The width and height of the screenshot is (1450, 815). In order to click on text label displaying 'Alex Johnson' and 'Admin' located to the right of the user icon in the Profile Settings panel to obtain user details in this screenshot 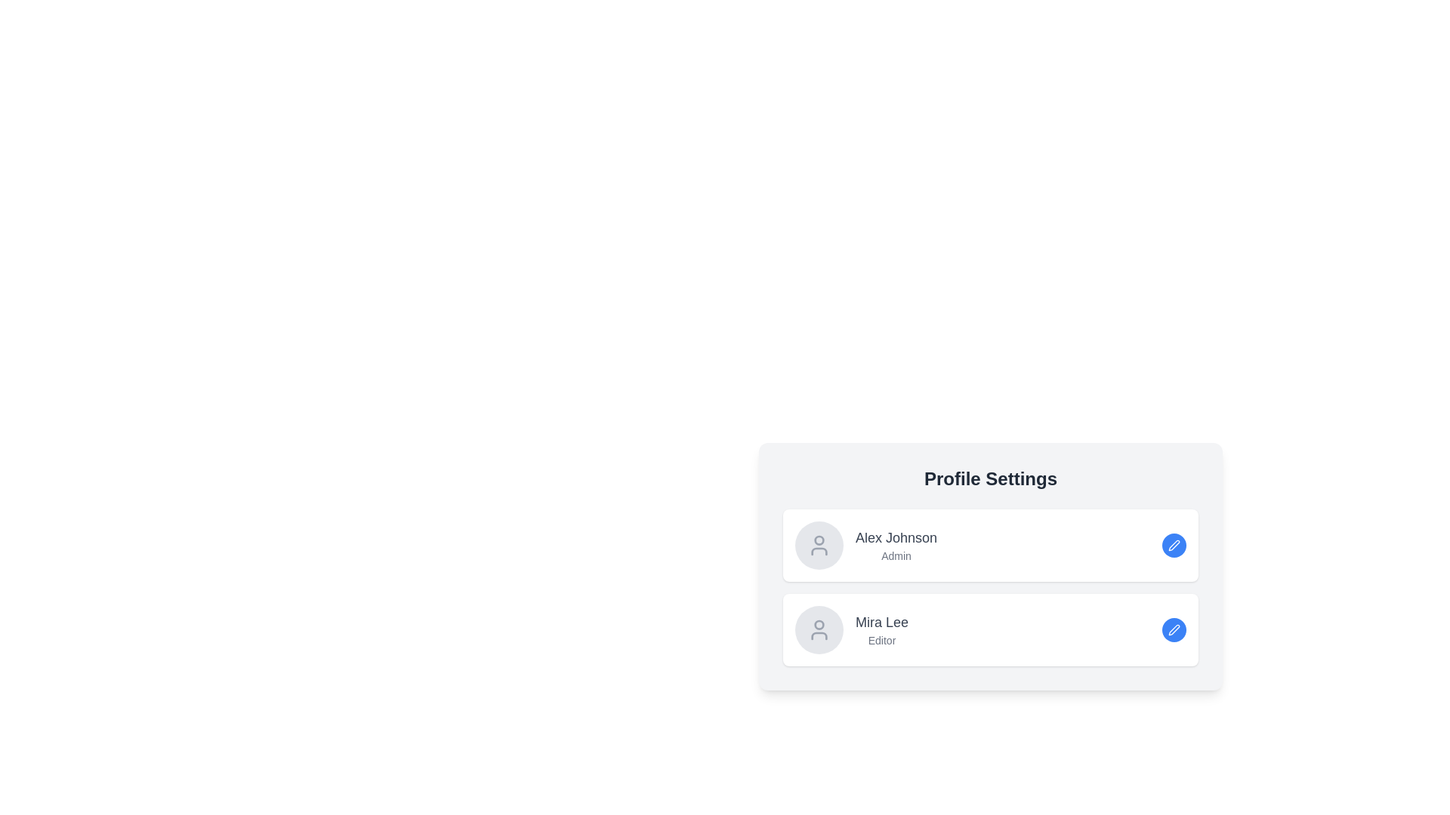, I will do `click(896, 545)`.